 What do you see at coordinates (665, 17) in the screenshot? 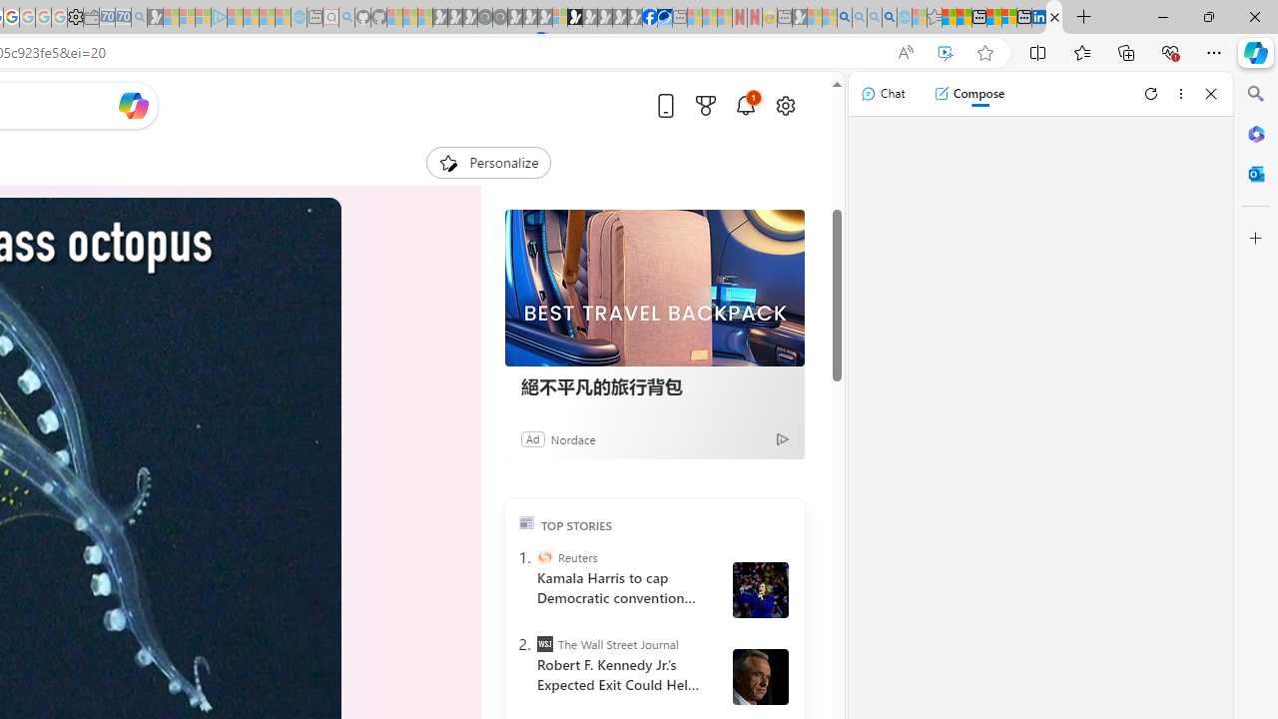
I see `'AQI & Health | AirNow.gov'` at bounding box center [665, 17].